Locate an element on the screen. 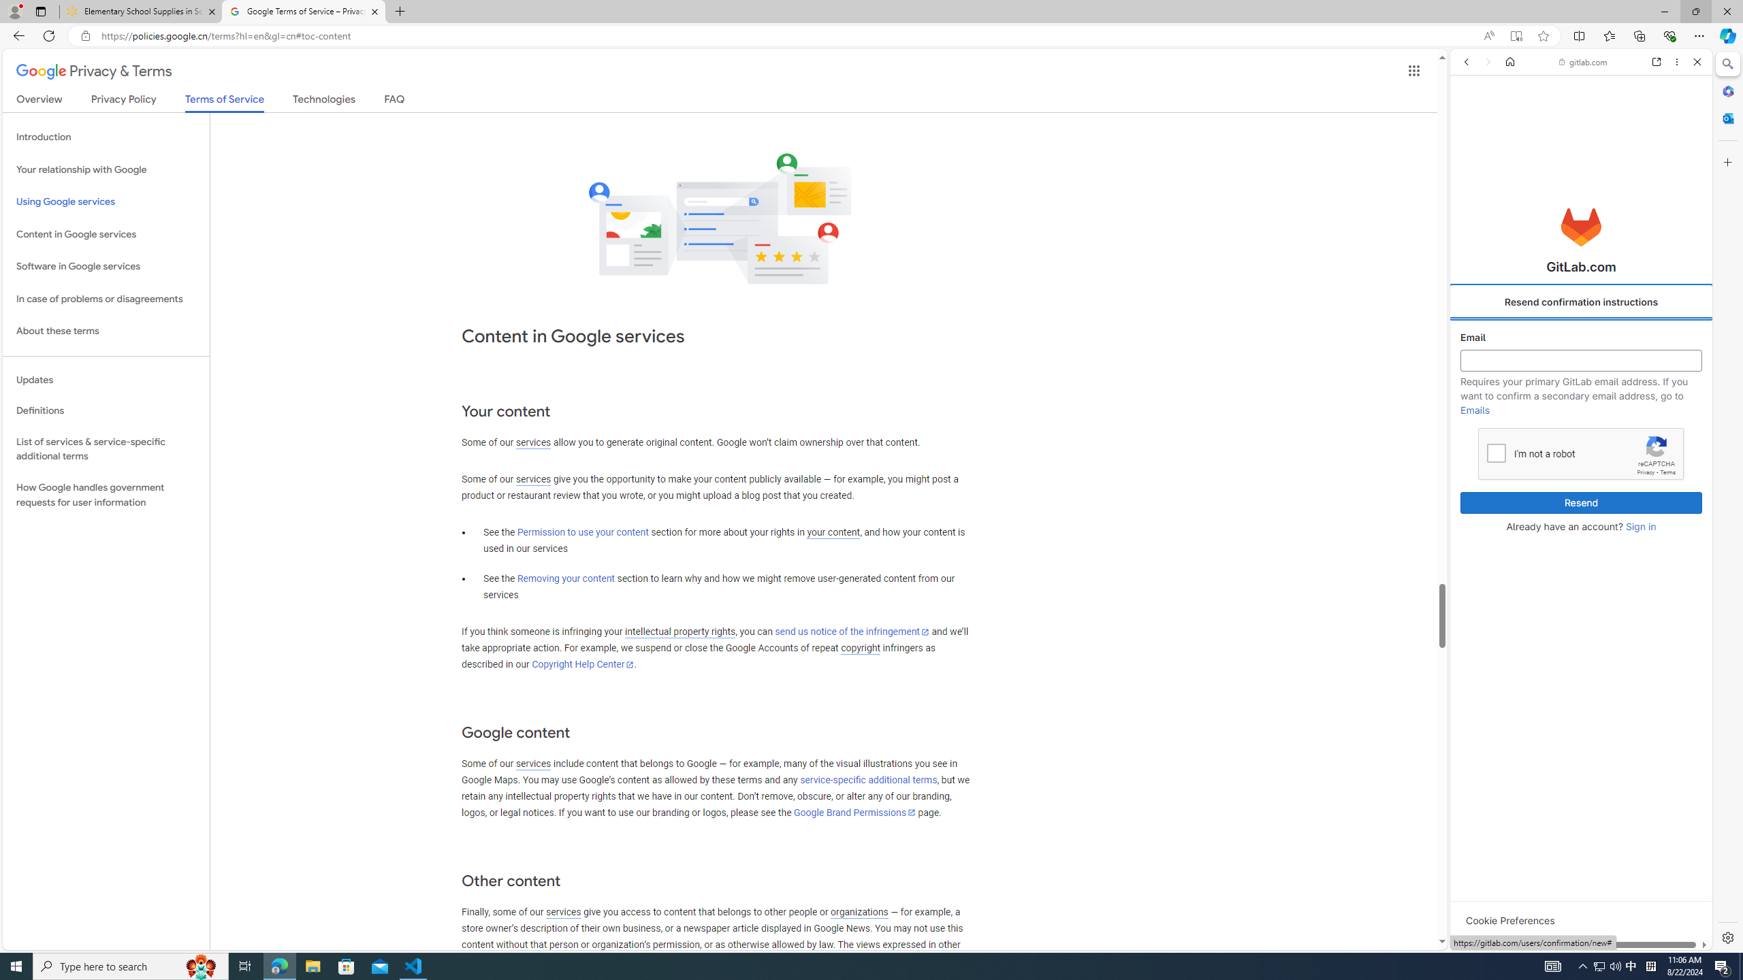 The image size is (1743, 980). 'Emails' is located at coordinates (1475, 409).